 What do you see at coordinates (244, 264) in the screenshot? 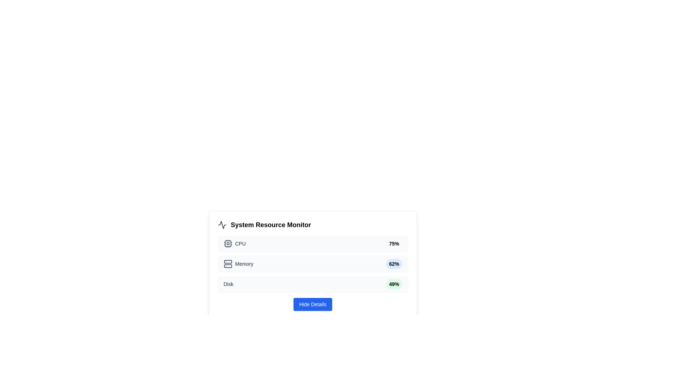
I see `text displayed on the 'Memory' label, which is a medium-sized grayish-black text located in the second row under the 'System Resource Monitor' section` at bounding box center [244, 264].